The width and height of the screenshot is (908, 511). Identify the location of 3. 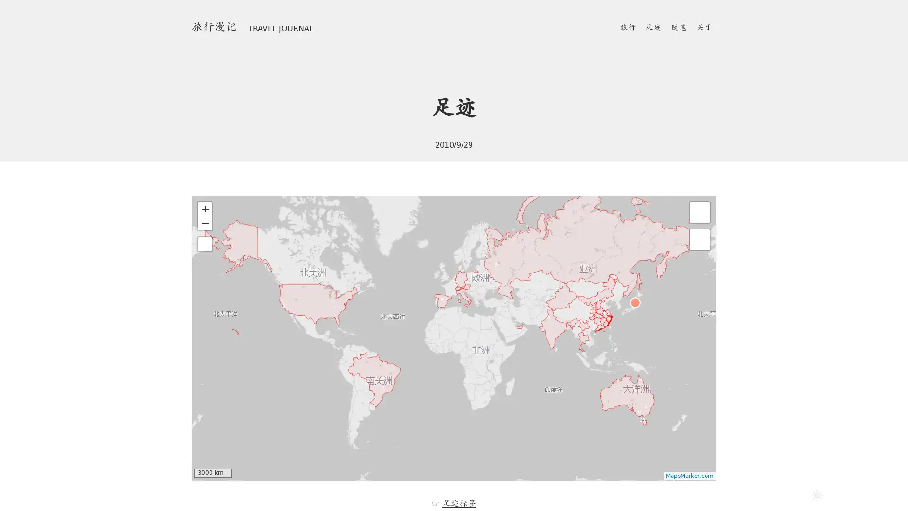
(551, 320).